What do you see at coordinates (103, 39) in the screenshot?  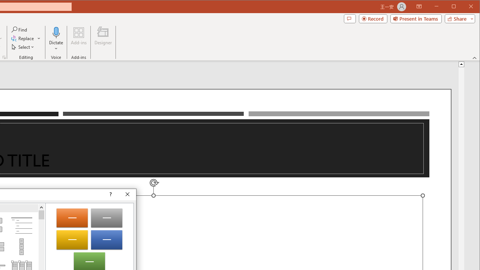 I see `'Designer'` at bounding box center [103, 39].